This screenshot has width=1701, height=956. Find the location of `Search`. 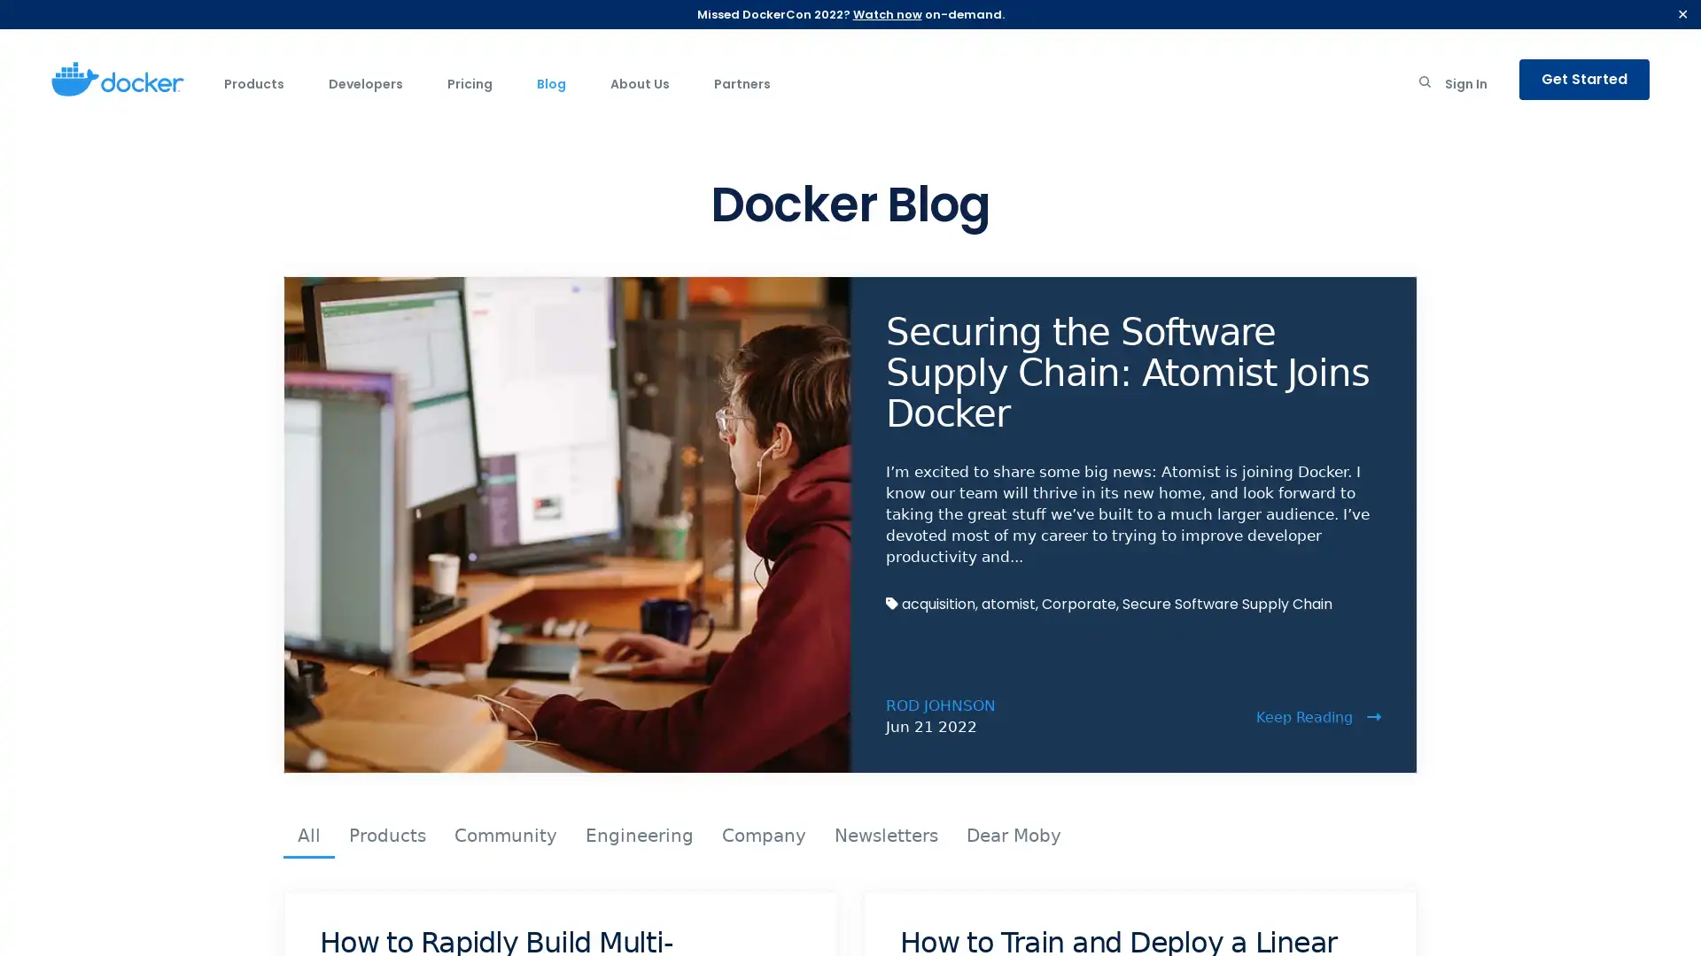

Search is located at coordinates (1425, 85).